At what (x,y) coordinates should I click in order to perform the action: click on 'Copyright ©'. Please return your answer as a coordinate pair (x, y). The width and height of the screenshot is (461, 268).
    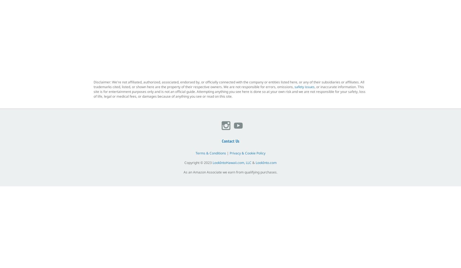
    Looking at the image, I should click on (184, 163).